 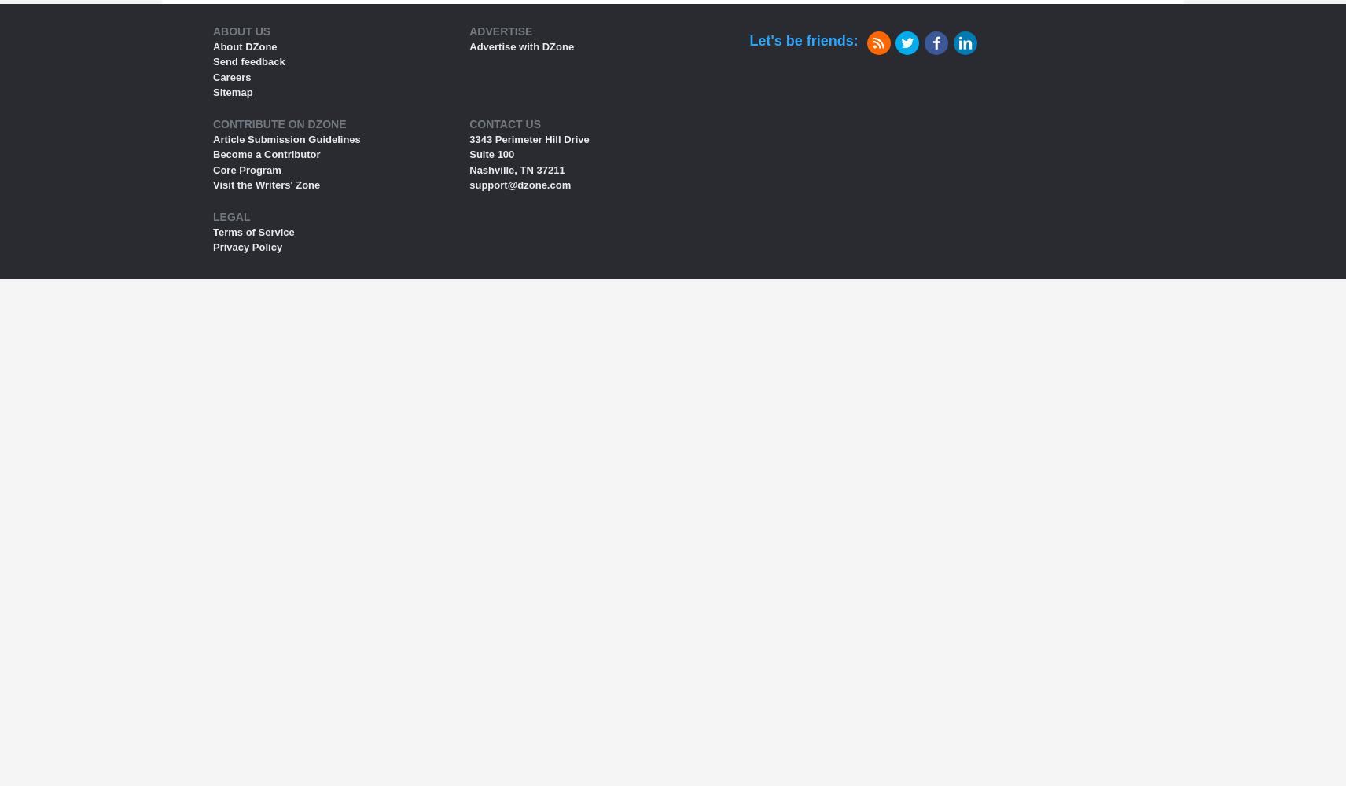 I want to click on 'support@dzone.com', so click(x=520, y=184).